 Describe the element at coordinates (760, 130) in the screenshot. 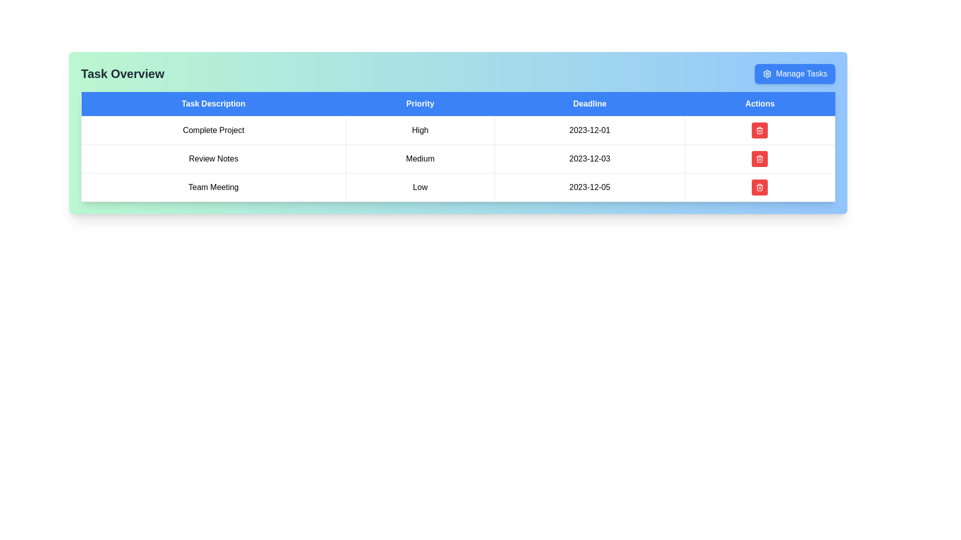

I see `the delete icon within the button located in the 'Actions' column of the table, specifically in the last cell of the first row` at that location.